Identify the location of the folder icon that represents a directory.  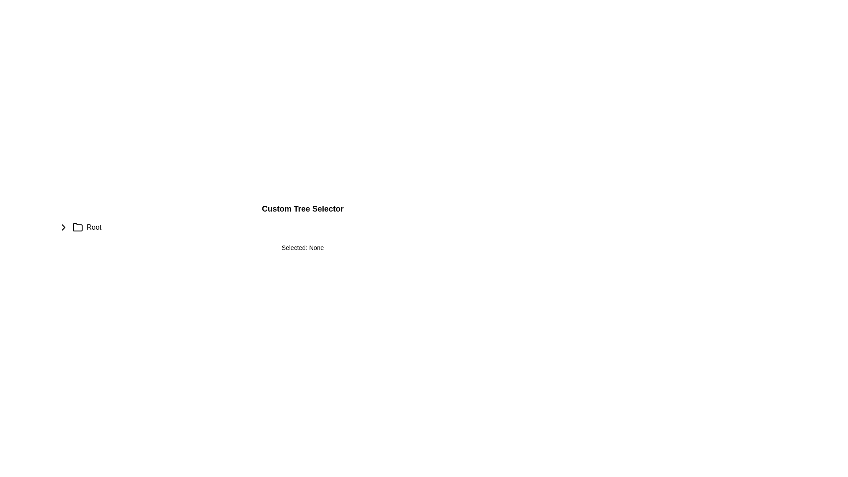
(78, 227).